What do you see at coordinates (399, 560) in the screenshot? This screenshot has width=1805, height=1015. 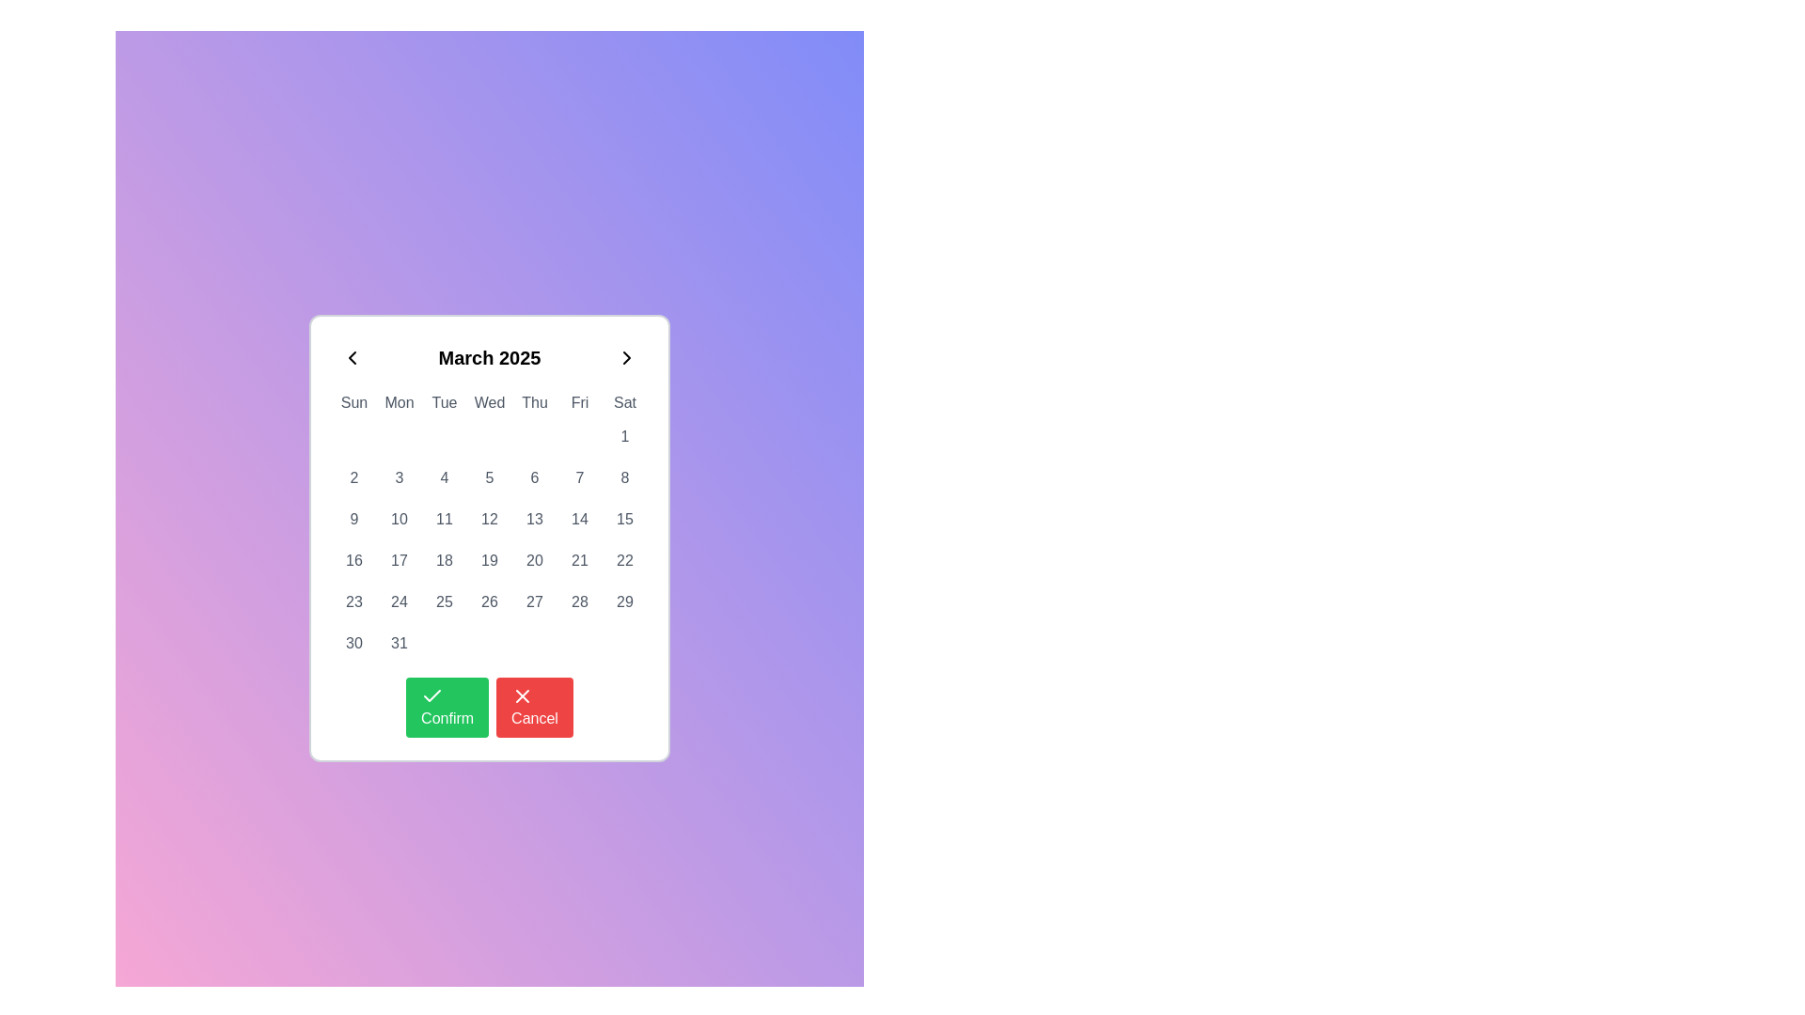 I see `the rounded rectangular button labeled '17' in the sixth row and second column of the March 2025 calendar grid` at bounding box center [399, 560].